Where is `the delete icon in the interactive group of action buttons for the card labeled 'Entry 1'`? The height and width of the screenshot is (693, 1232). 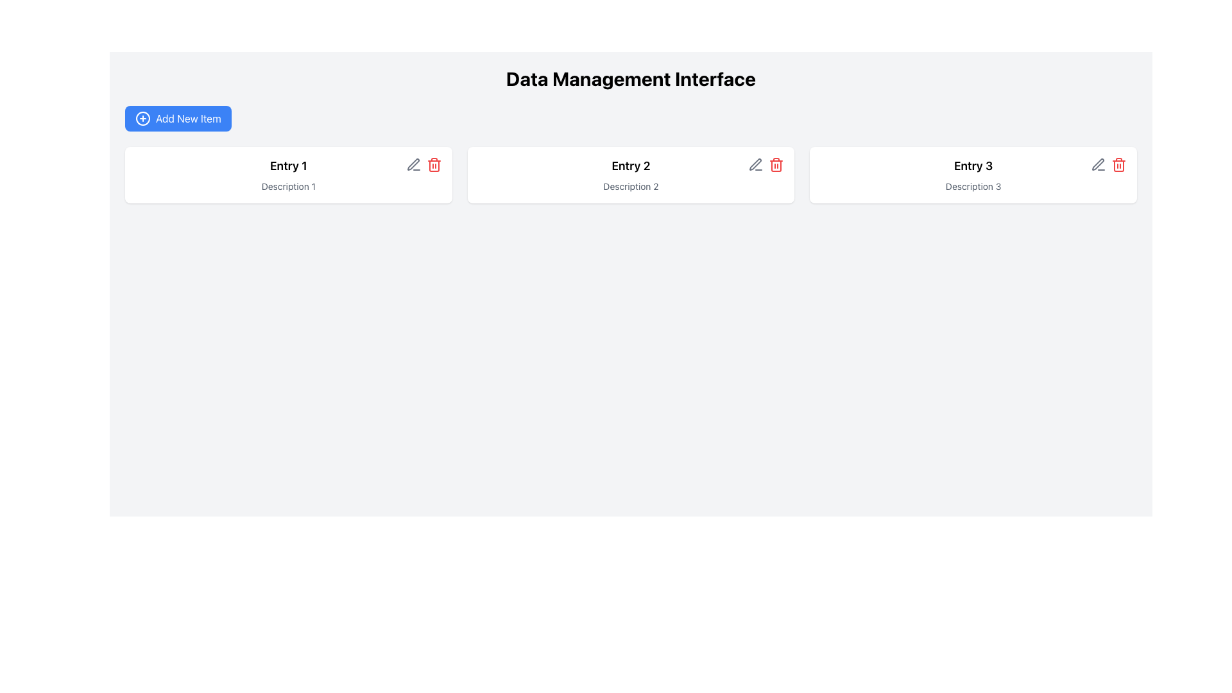 the delete icon in the interactive group of action buttons for the card labeled 'Entry 1' is located at coordinates (424, 164).